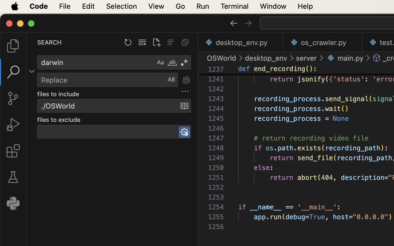 This screenshot has width=394, height=246. I want to click on 'OSWorld', so click(222, 58).